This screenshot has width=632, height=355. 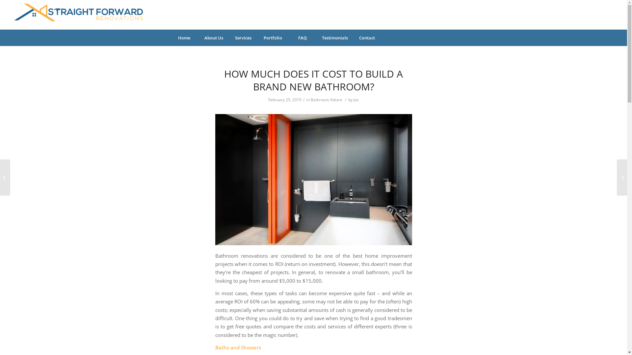 What do you see at coordinates (313, 80) in the screenshot?
I see `'HOW MUCH DOES IT COST TO BUILD A BRAND NEW BATHROOM?'` at bounding box center [313, 80].